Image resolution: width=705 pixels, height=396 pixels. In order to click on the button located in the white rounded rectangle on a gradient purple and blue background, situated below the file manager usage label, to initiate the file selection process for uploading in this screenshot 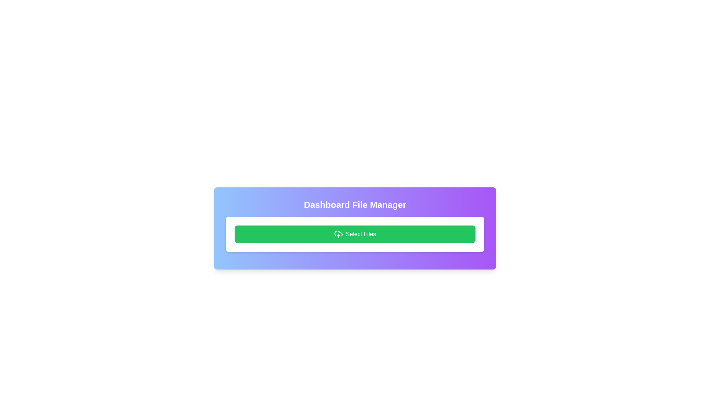, I will do `click(355, 234)`.